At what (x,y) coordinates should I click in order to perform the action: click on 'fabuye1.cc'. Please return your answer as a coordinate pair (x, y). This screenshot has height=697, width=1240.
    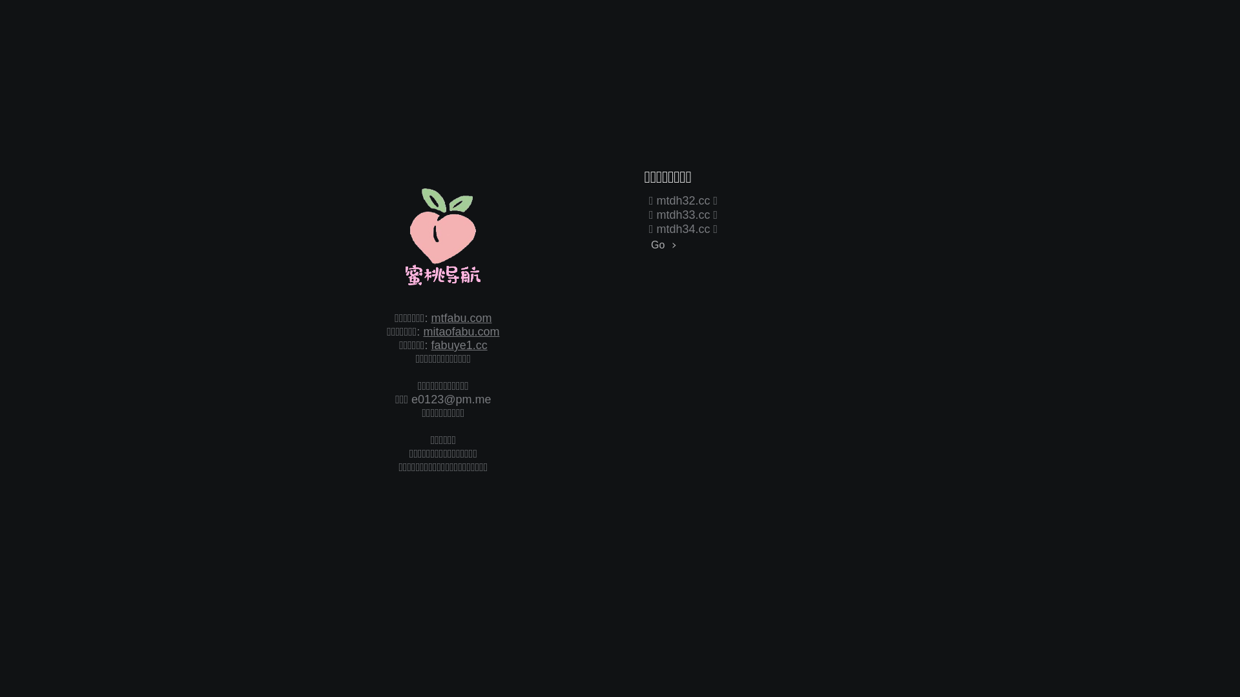
    Looking at the image, I should click on (459, 345).